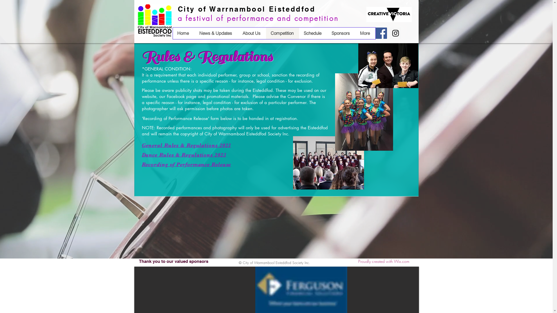  I want to click on 'Home', so click(183, 33).